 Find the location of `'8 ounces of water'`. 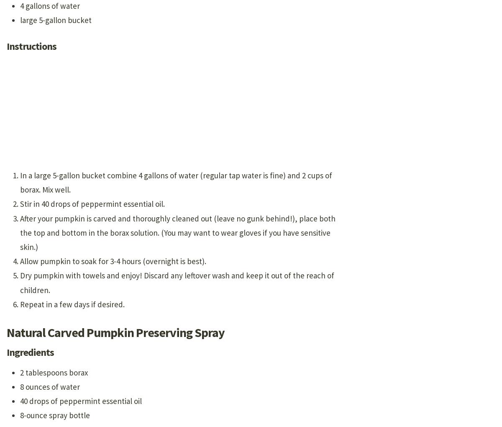

'8 ounces of water' is located at coordinates (20, 386).